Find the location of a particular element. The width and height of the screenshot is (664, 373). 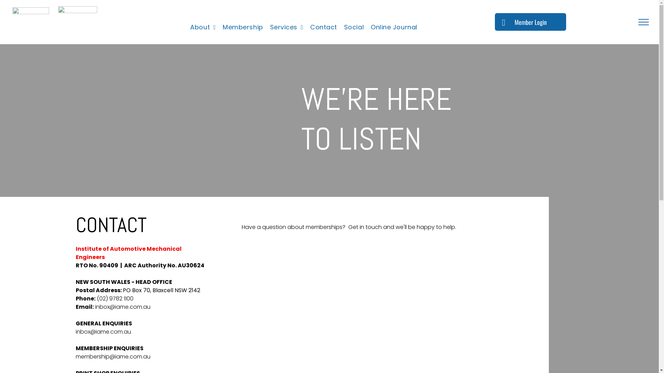

'Send' is located at coordinates (229, 346).